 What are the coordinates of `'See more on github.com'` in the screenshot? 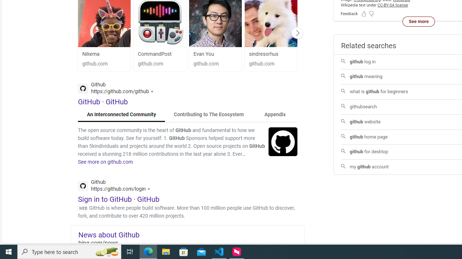 It's located at (105, 162).